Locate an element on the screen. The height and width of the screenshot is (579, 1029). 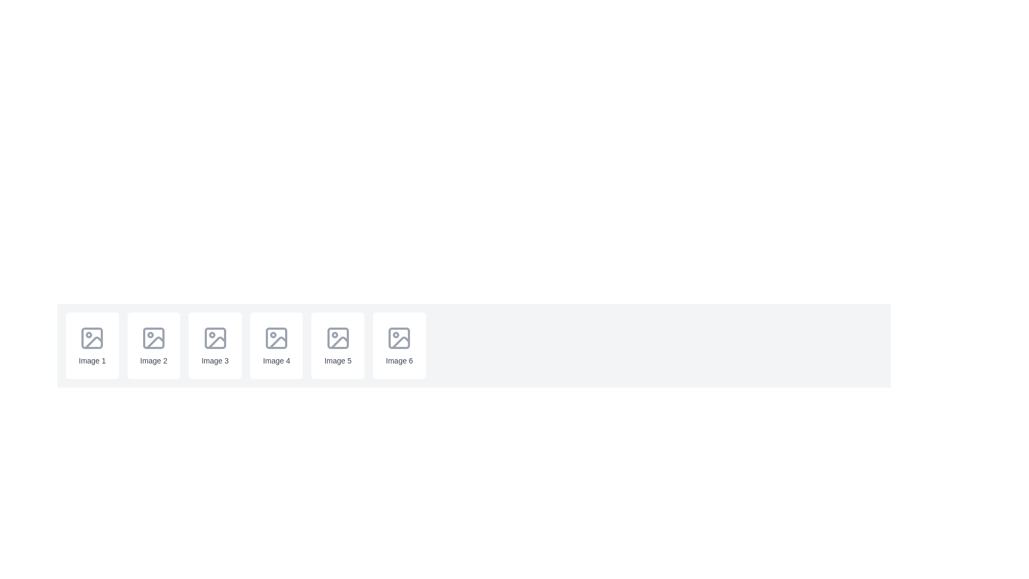
the text label located centrally beneath the associated image icon in the fifth item of a horizontally-aligned grid of image placeholders is located at coordinates (337, 360).